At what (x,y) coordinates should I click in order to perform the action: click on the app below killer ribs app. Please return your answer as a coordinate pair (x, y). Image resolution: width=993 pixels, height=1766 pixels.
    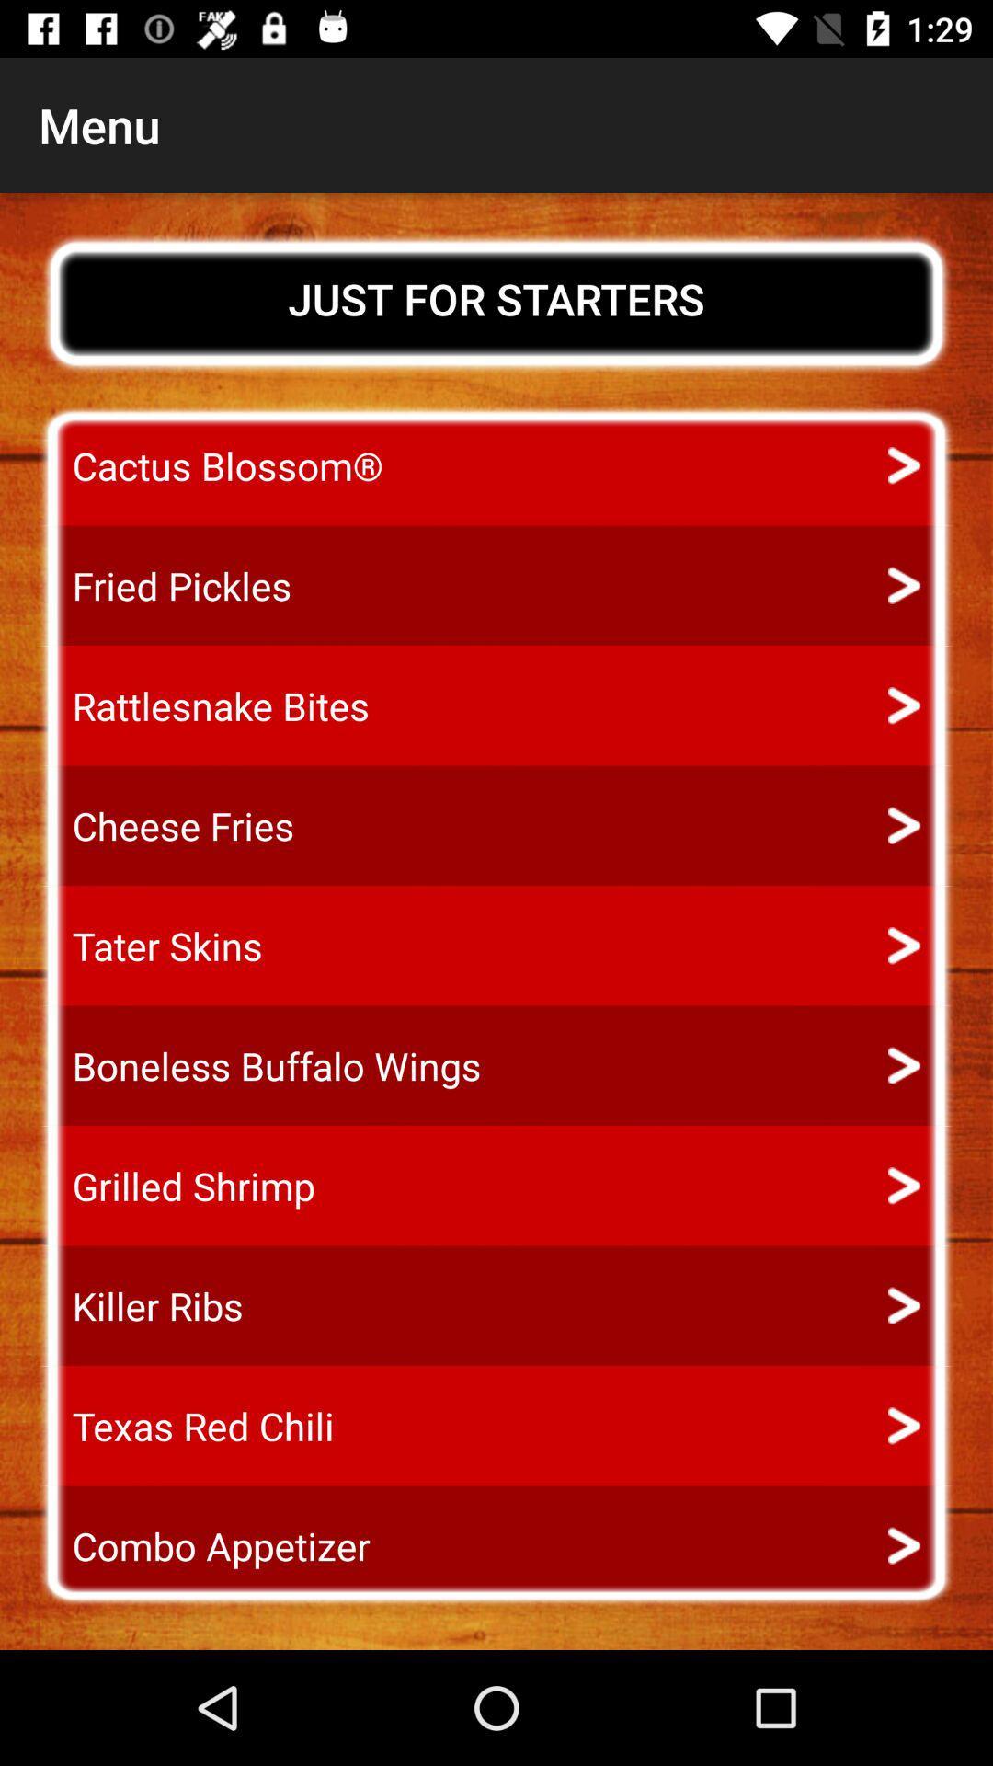
    Looking at the image, I should click on (186, 1425).